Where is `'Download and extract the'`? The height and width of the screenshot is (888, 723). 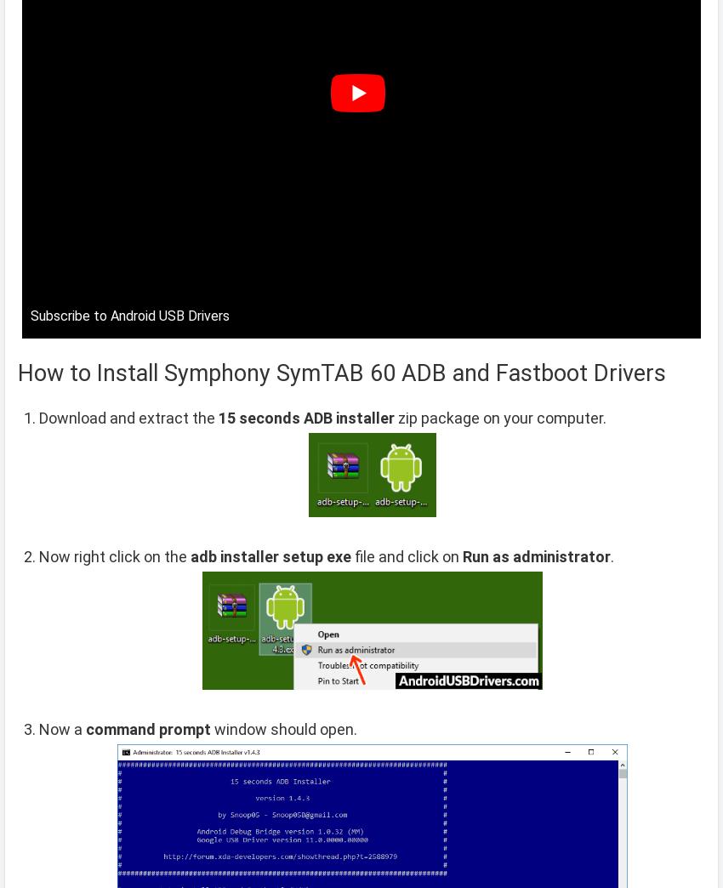
'Download and extract the' is located at coordinates (128, 418).